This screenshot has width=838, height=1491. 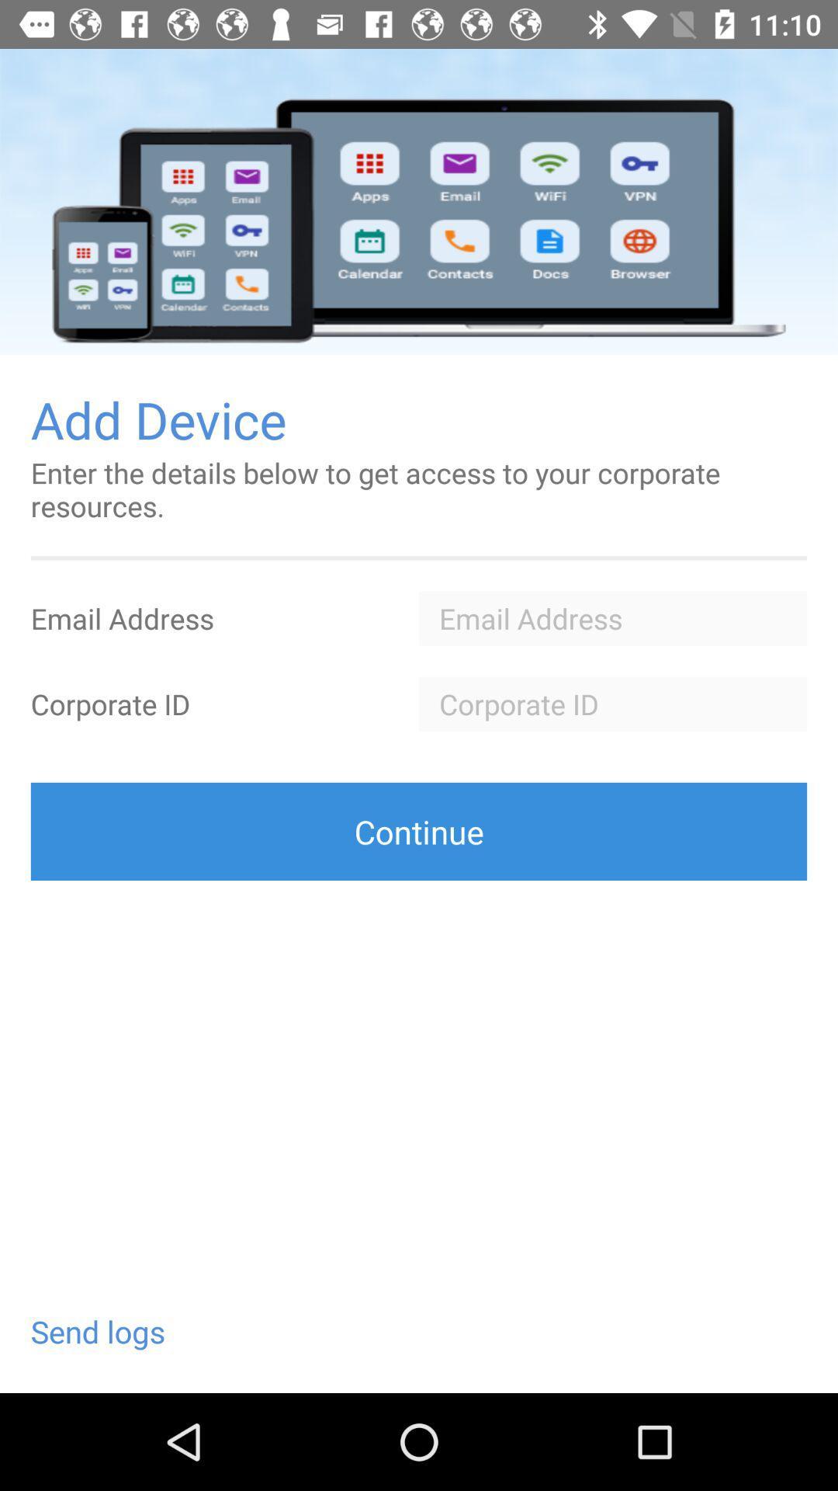 I want to click on the item below add device, so click(x=419, y=488).